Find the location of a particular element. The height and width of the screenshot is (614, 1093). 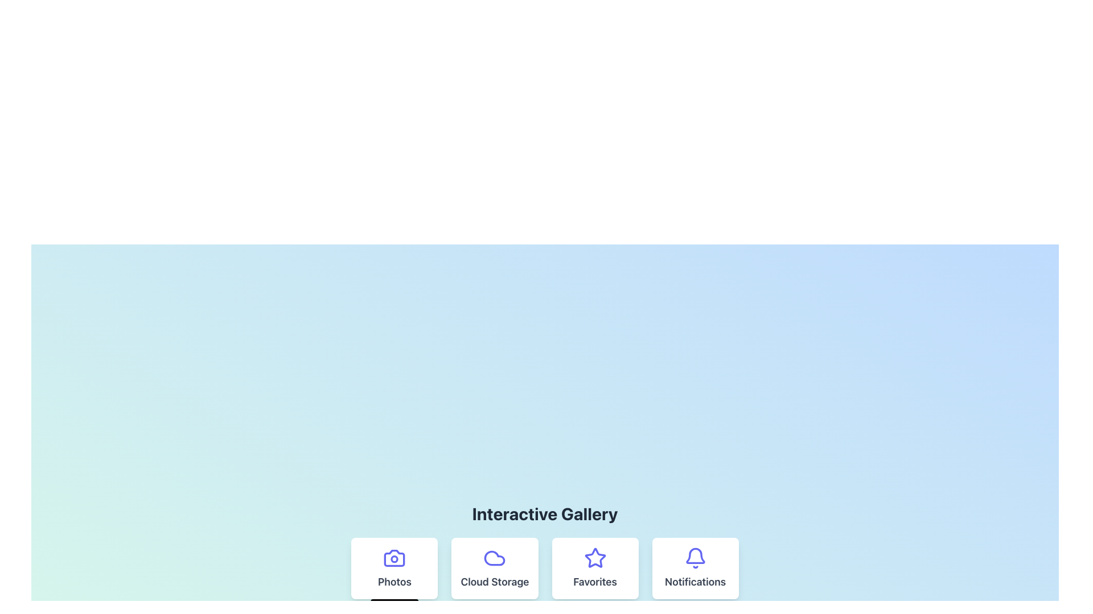

the first card component located at the bottom-left corner of the interface is located at coordinates (394, 568).